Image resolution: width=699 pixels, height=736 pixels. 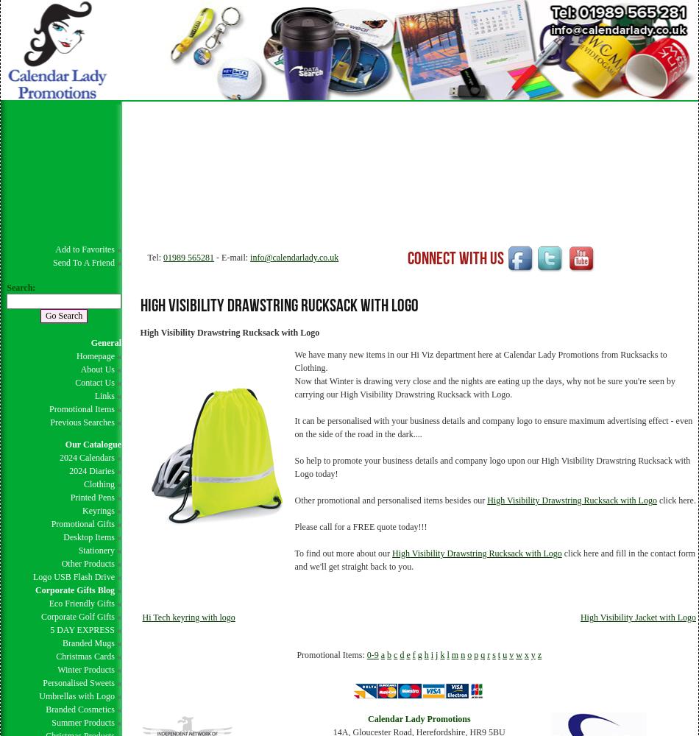 What do you see at coordinates (441, 655) in the screenshot?
I see `'k'` at bounding box center [441, 655].